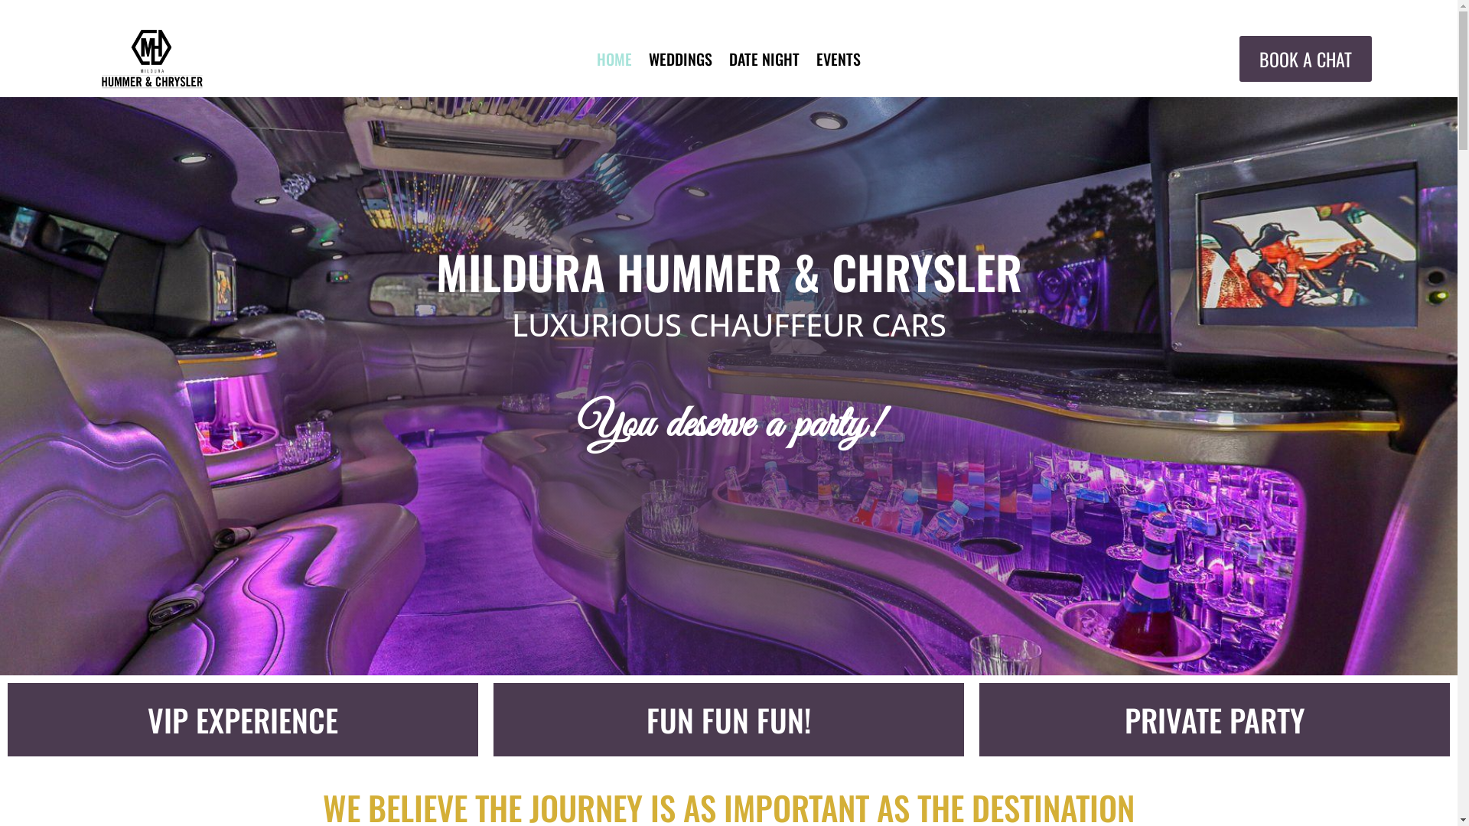 Image resolution: width=1469 pixels, height=826 pixels. Describe the element at coordinates (679, 61) in the screenshot. I see `'WEDDINGS'` at that location.